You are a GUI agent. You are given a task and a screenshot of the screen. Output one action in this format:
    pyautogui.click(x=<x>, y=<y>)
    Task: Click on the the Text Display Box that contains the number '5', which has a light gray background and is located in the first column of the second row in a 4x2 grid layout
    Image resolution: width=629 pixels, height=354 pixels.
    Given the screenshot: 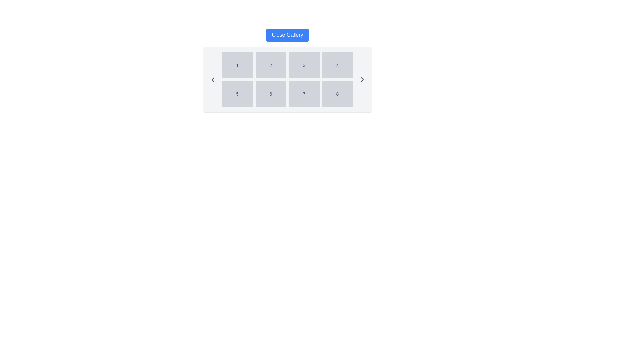 What is the action you would take?
    pyautogui.click(x=237, y=94)
    